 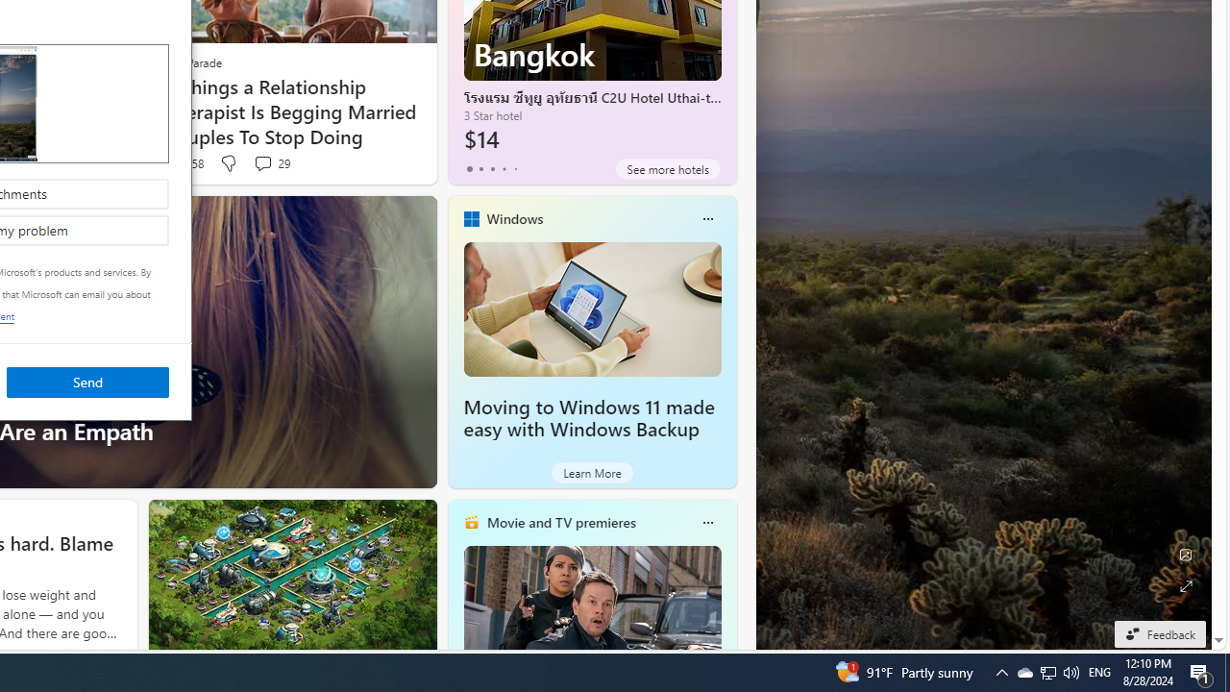 What do you see at coordinates (1070, 671) in the screenshot?
I see `'Q2790: 100%'` at bounding box center [1070, 671].